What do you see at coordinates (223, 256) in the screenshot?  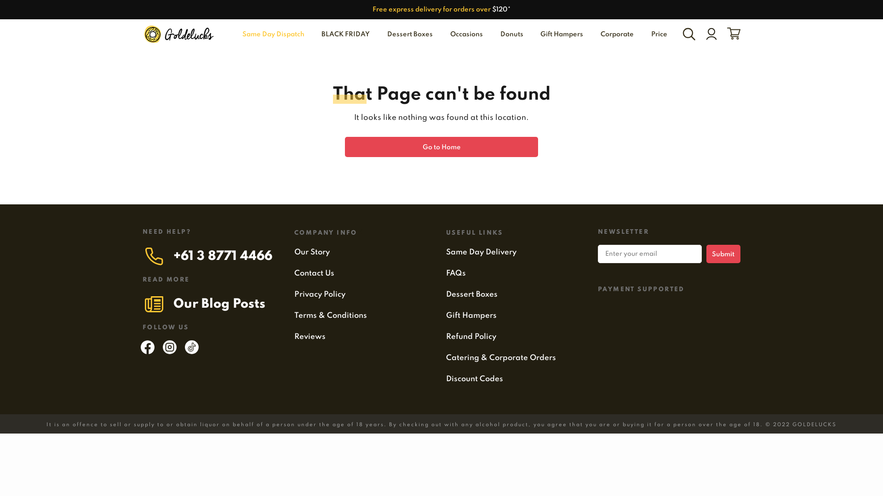 I see `'+61 3 8771 4466'` at bounding box center [223, 256].